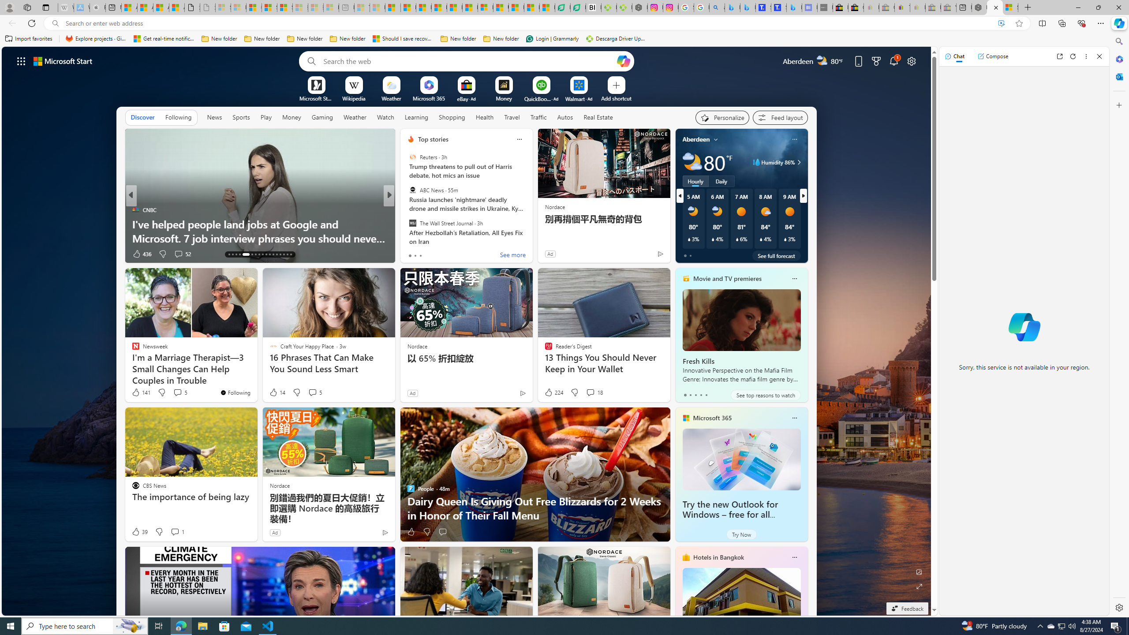 Image resolution: width=1129 pixels, height=635 pixels. What do you see at coordinates (410, 254) in the screenshot?
I see `'7 Like'` at bounding box center [410, 254].